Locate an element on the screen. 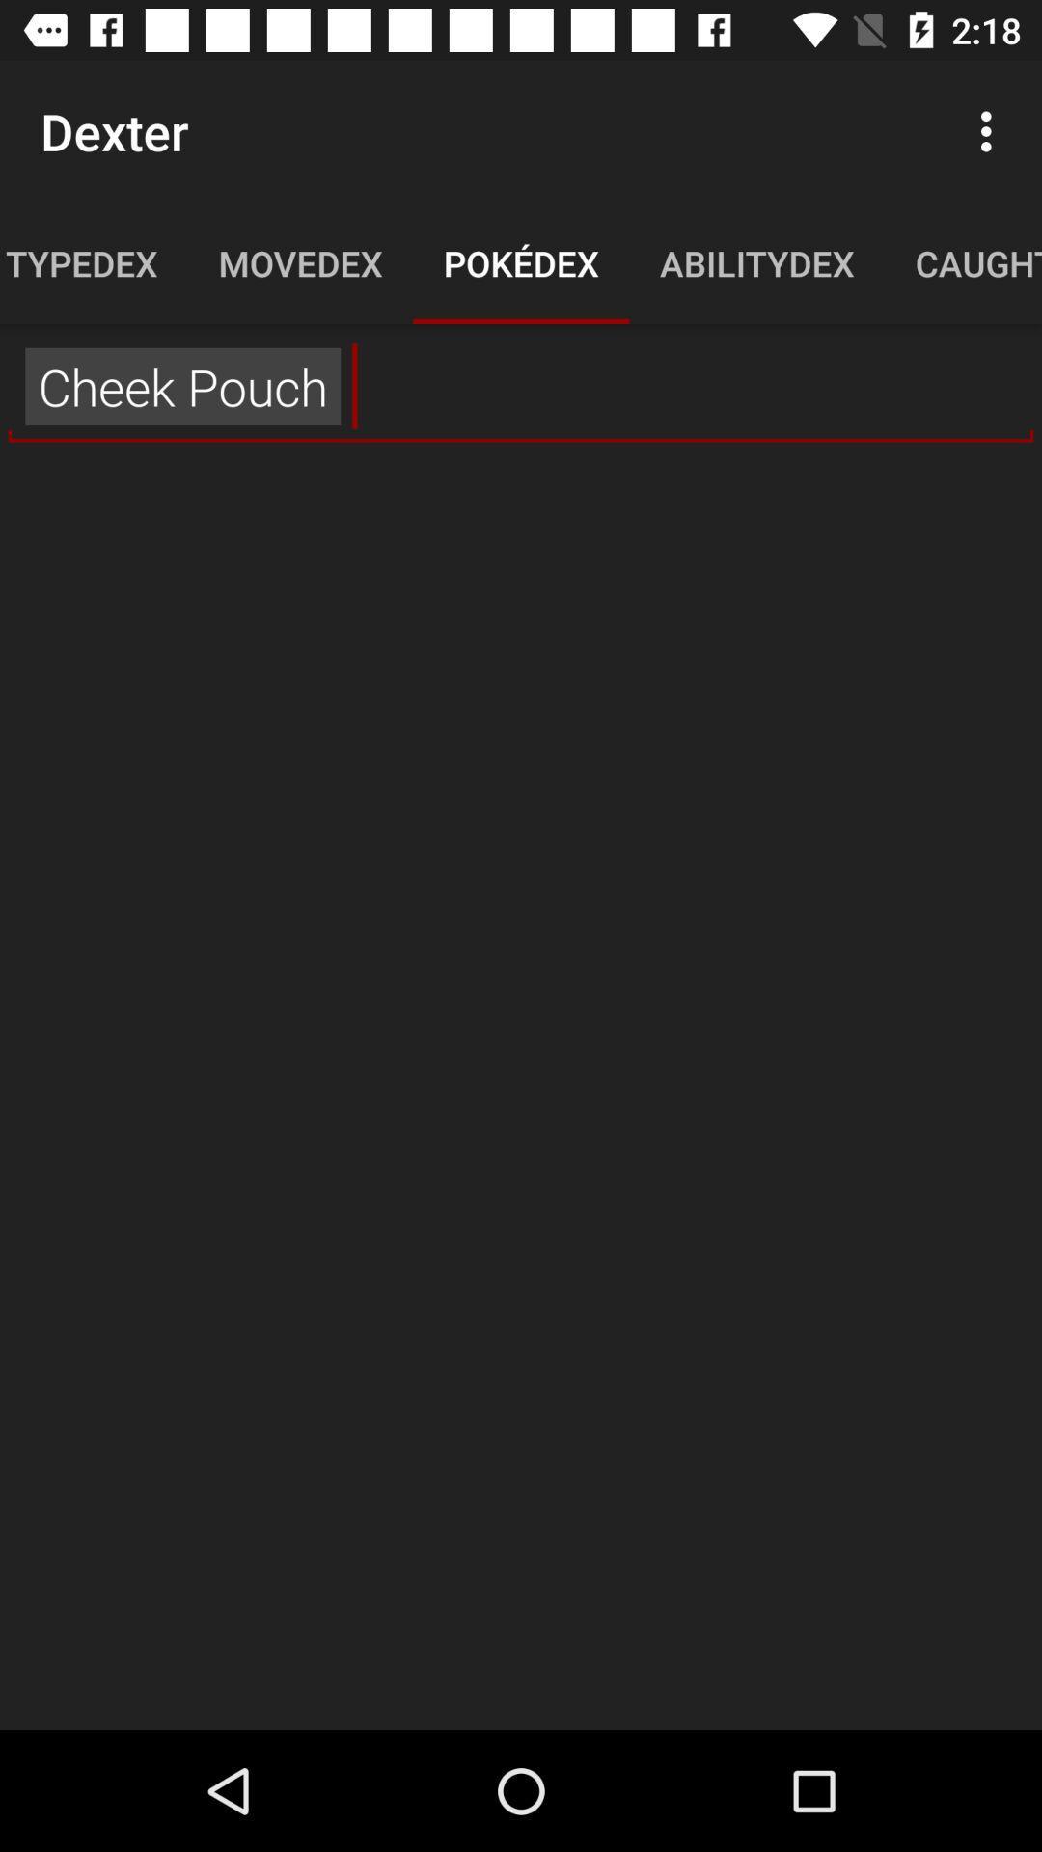 The height and width of the screenshot is (1852, 1042). the icon at the center is located at coordinates (521, 1090).